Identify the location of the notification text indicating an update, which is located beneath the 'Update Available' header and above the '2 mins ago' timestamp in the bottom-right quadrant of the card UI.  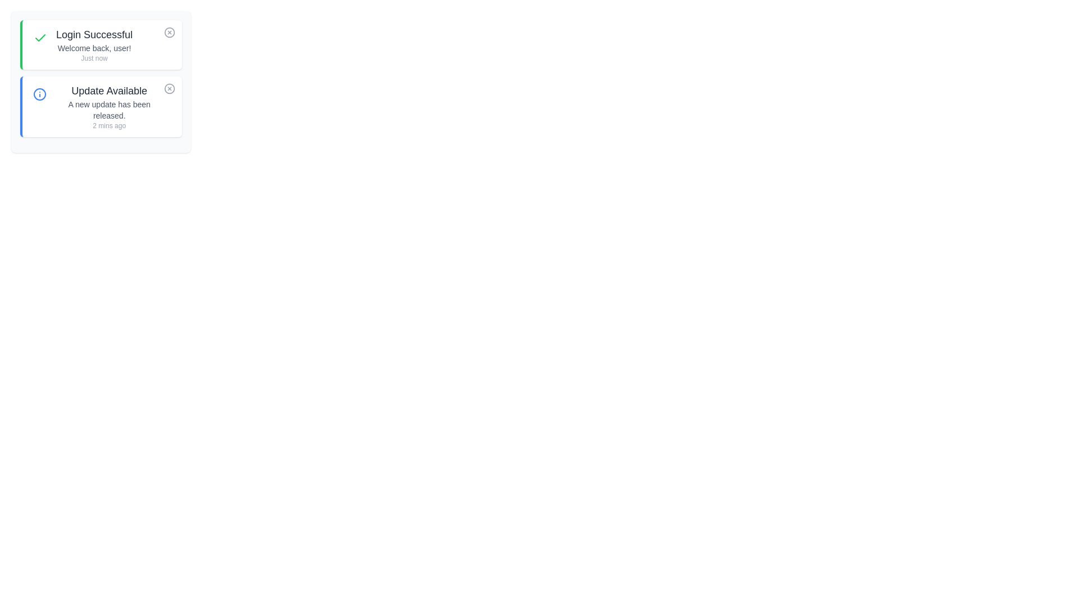
(109, 110).